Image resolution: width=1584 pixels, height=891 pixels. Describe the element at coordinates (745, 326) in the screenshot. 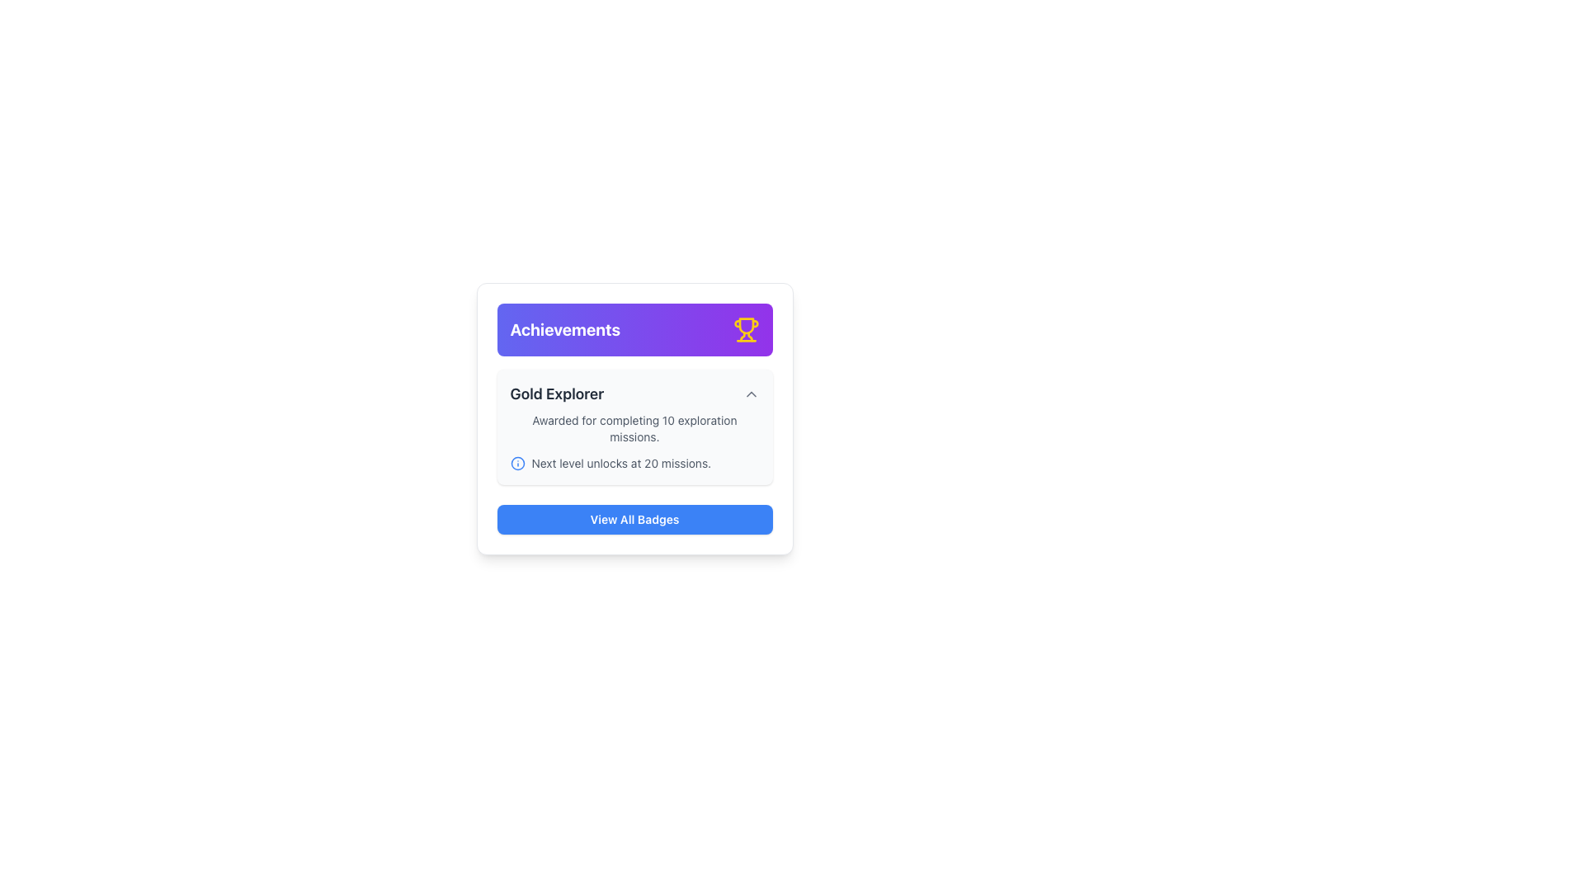

I see `the centrally large trophy icon in the top-right corner of the purple 'Achievements' title bar` at that location.